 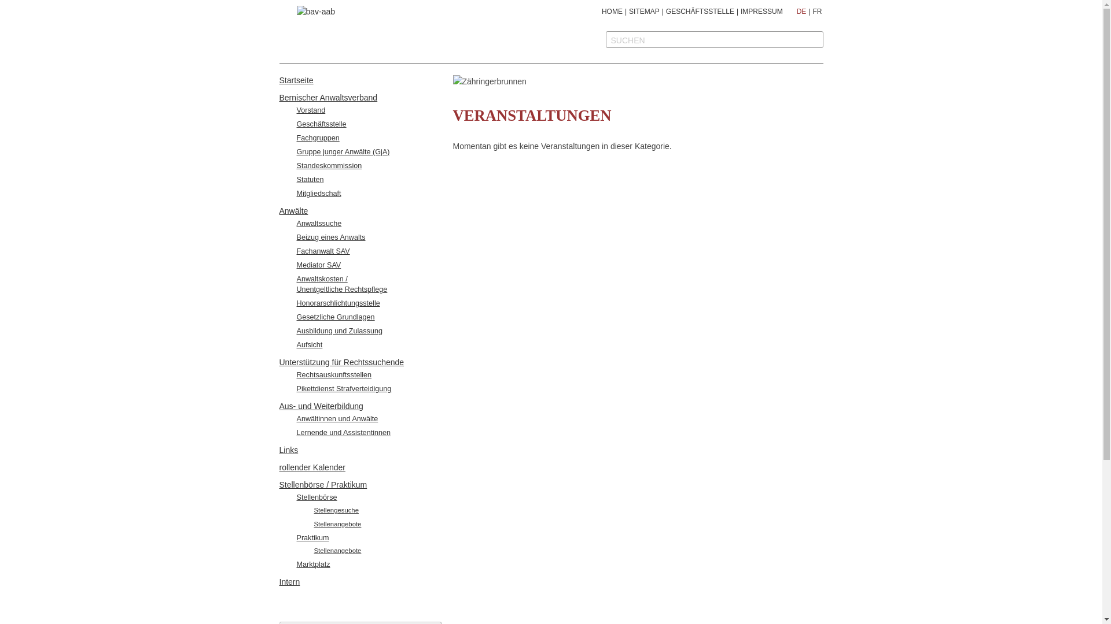 I want to click on 'Fachgruppen', so click(x=296, y=138).